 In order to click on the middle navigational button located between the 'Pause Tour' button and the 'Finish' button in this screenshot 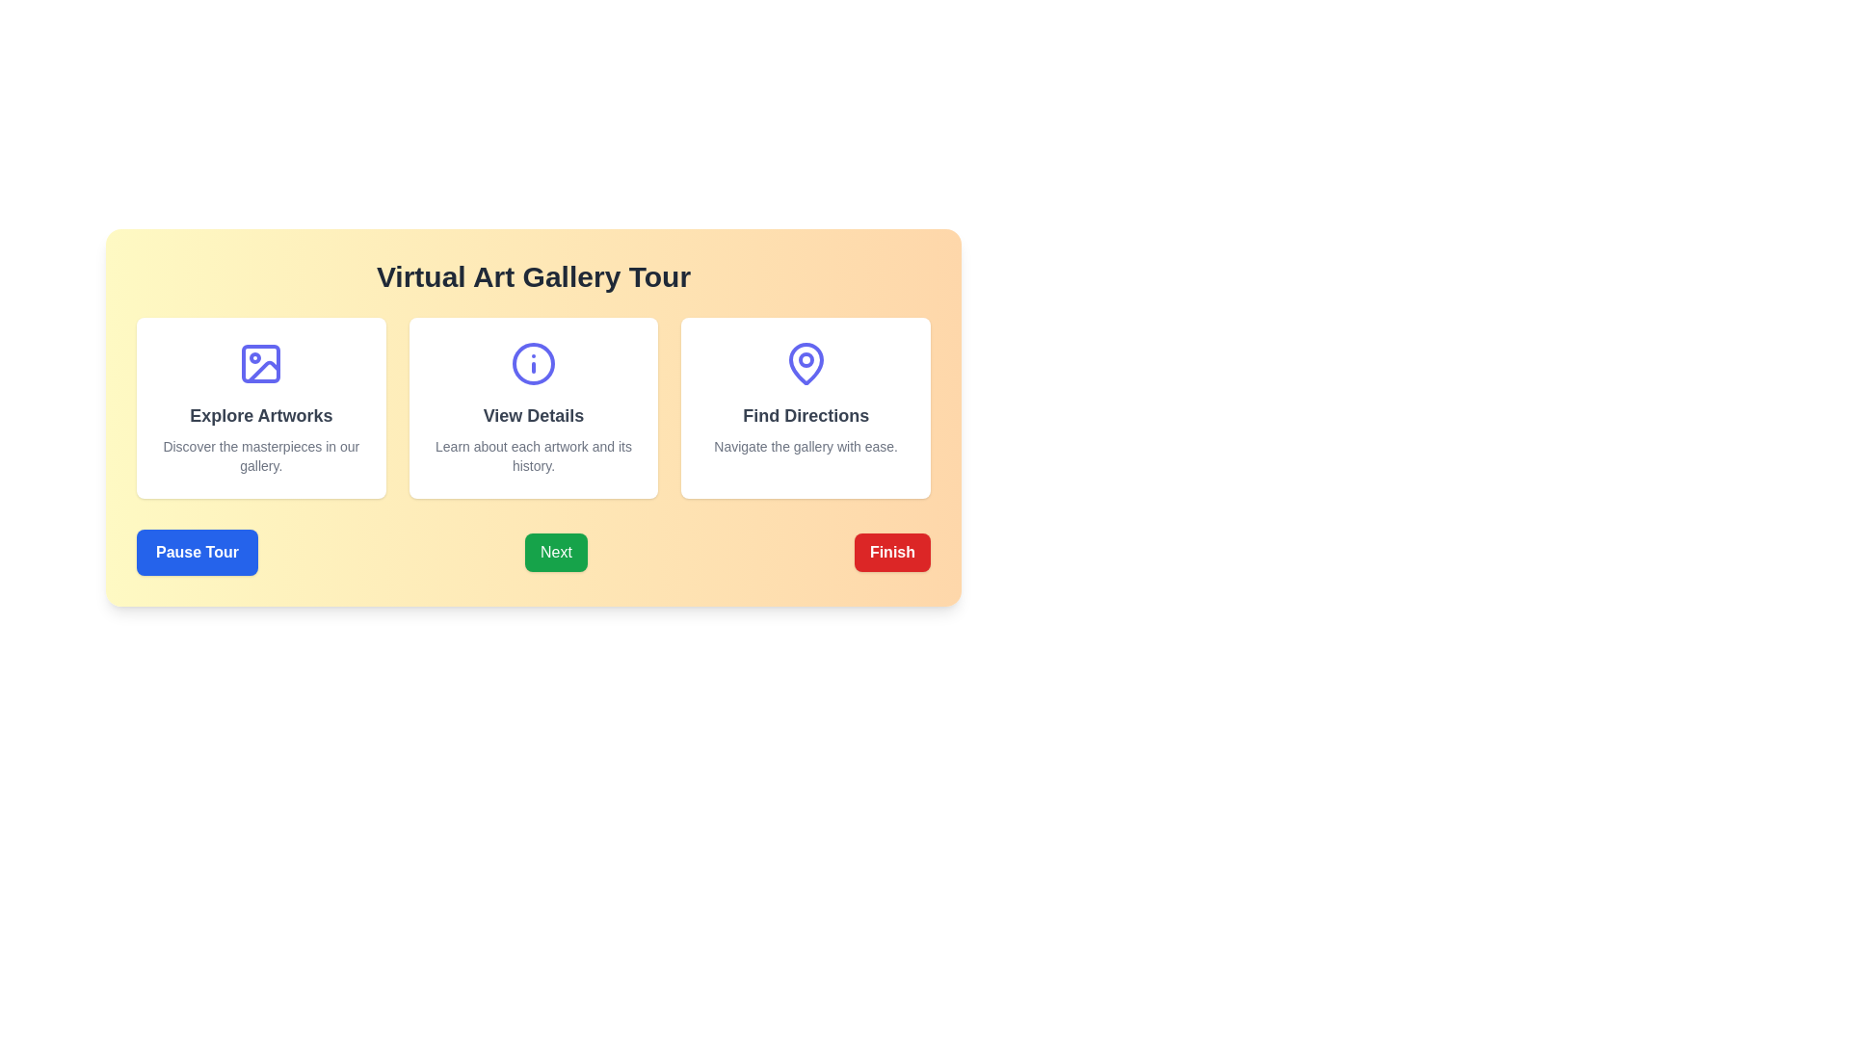, I will do `click(555, 553)`.